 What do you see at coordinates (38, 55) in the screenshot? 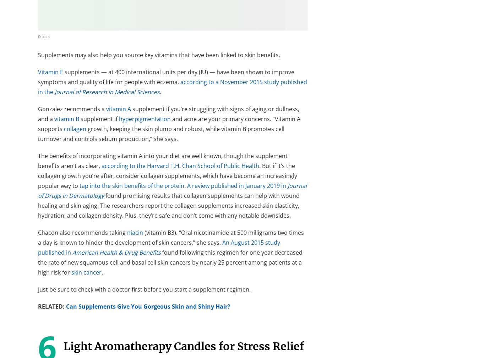
I see `'Supplements may also help you source key vitamins that have been linked to skin benefits.'` at bounding box center [38, 55].